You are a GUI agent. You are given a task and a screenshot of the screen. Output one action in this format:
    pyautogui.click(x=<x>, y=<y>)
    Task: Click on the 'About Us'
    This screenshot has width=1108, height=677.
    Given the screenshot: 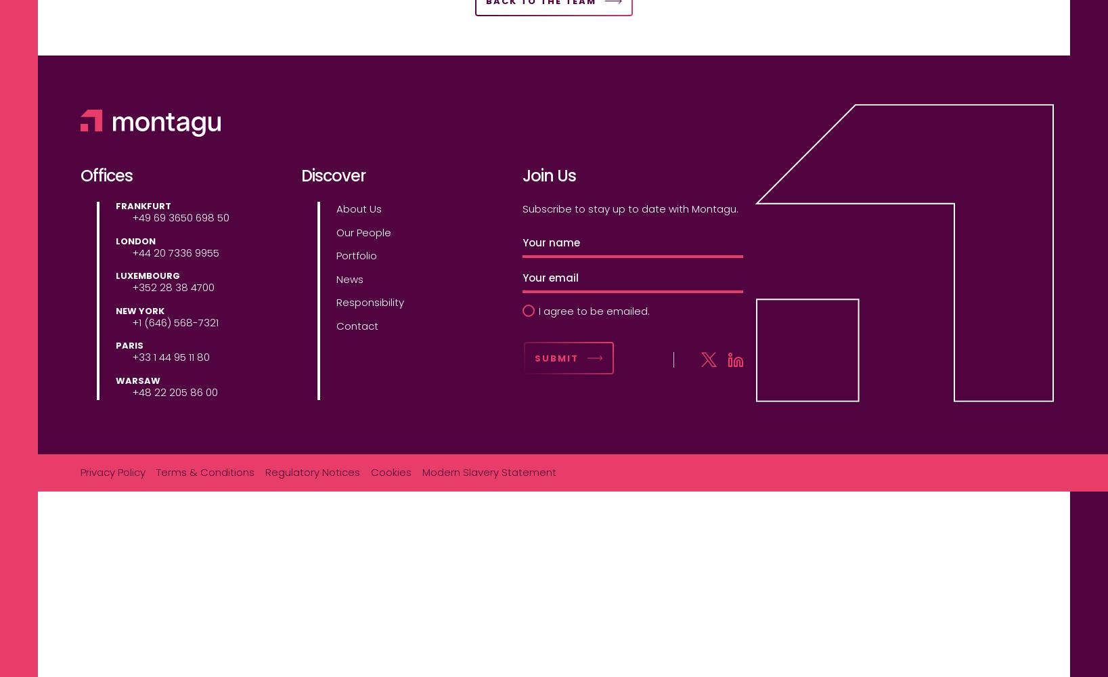 What is the action you would take?
    pyautogui.click(x=358, y=209)
    